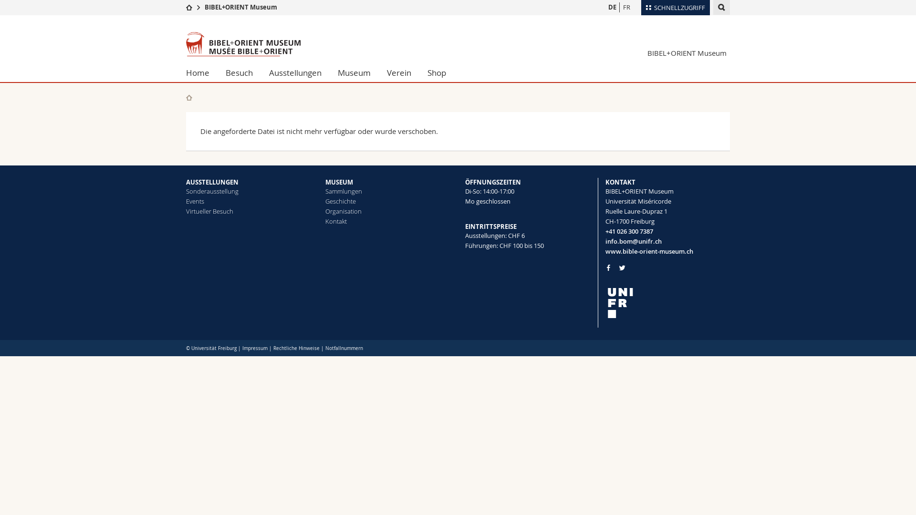 The image size is (916, 515). What do you see at coordinates (336, 221) in the screenshot?
I see `'Kontakt'` at bounding box center [336, 221].